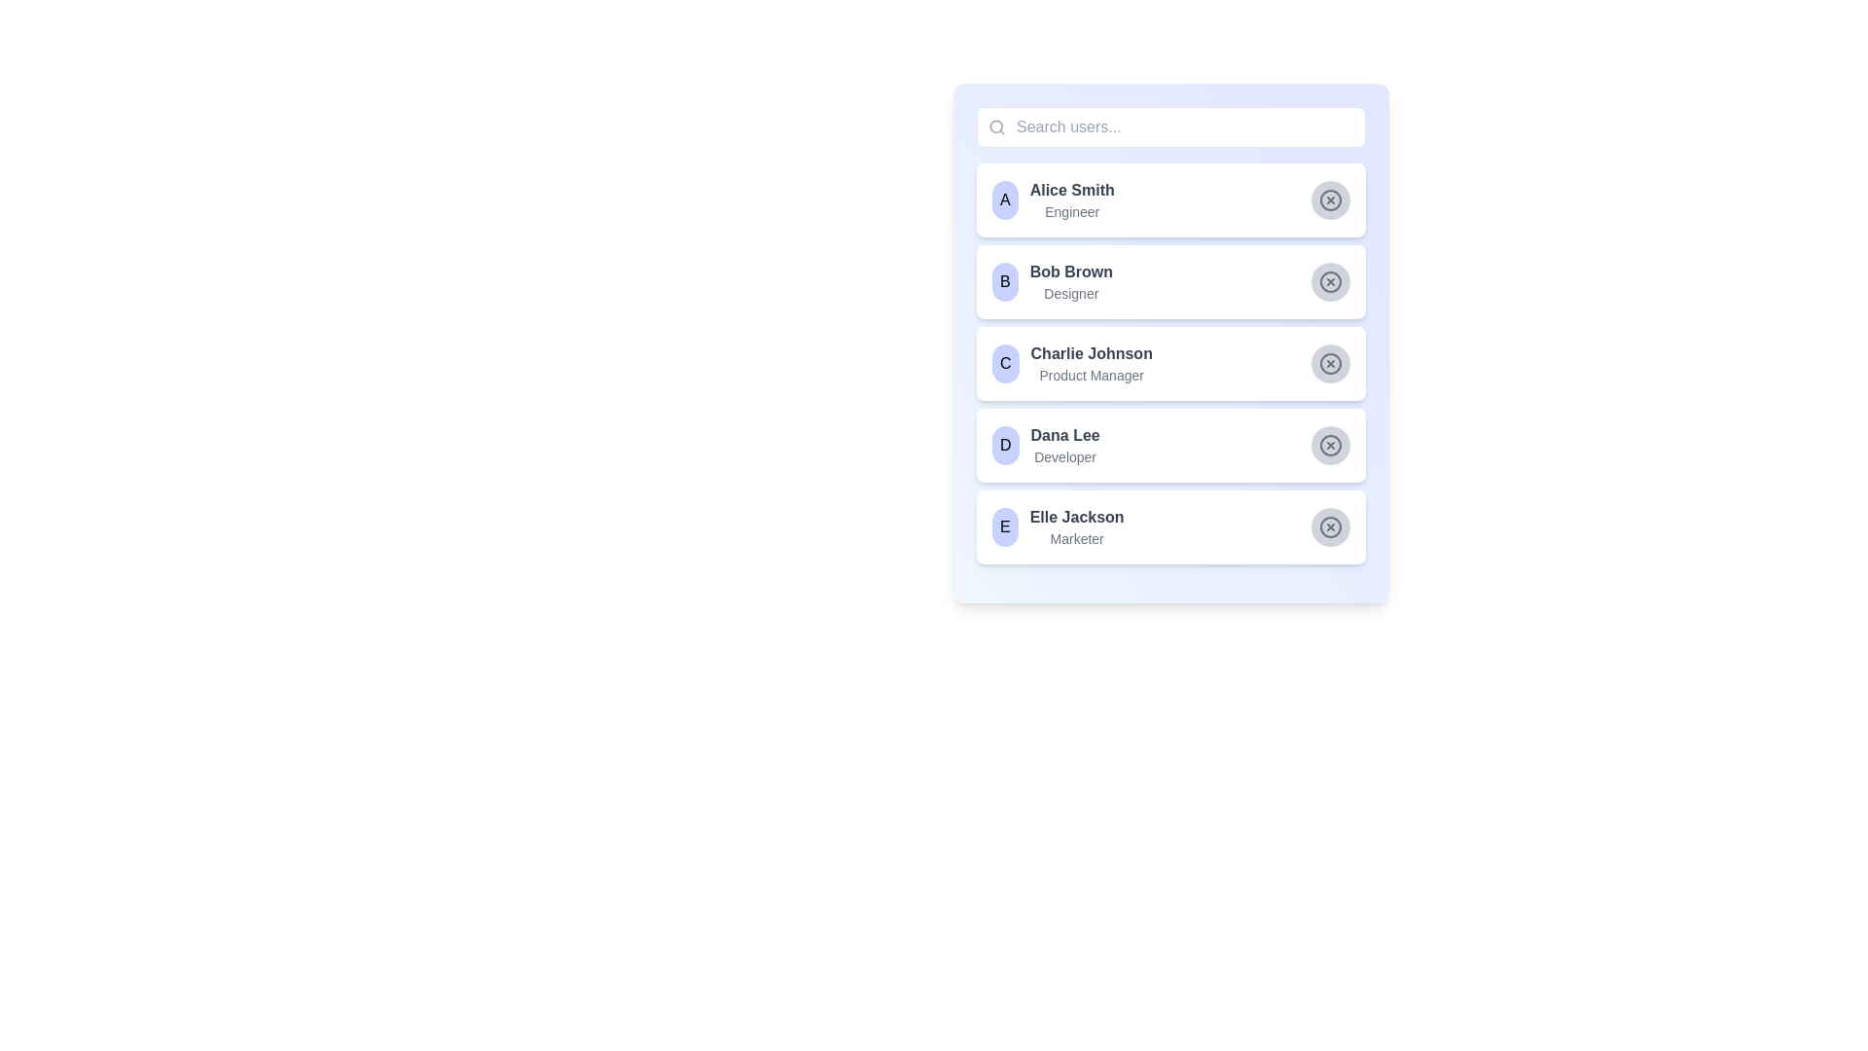 The height and width of the screenshot is (1051, 1868). What do you see at coordinates (1052, 199) in the screenshot?
I see `the user's profile composite element displaying their avatar and text labels, located at the top of the user profiles list` at bounding box center [1052, 199].